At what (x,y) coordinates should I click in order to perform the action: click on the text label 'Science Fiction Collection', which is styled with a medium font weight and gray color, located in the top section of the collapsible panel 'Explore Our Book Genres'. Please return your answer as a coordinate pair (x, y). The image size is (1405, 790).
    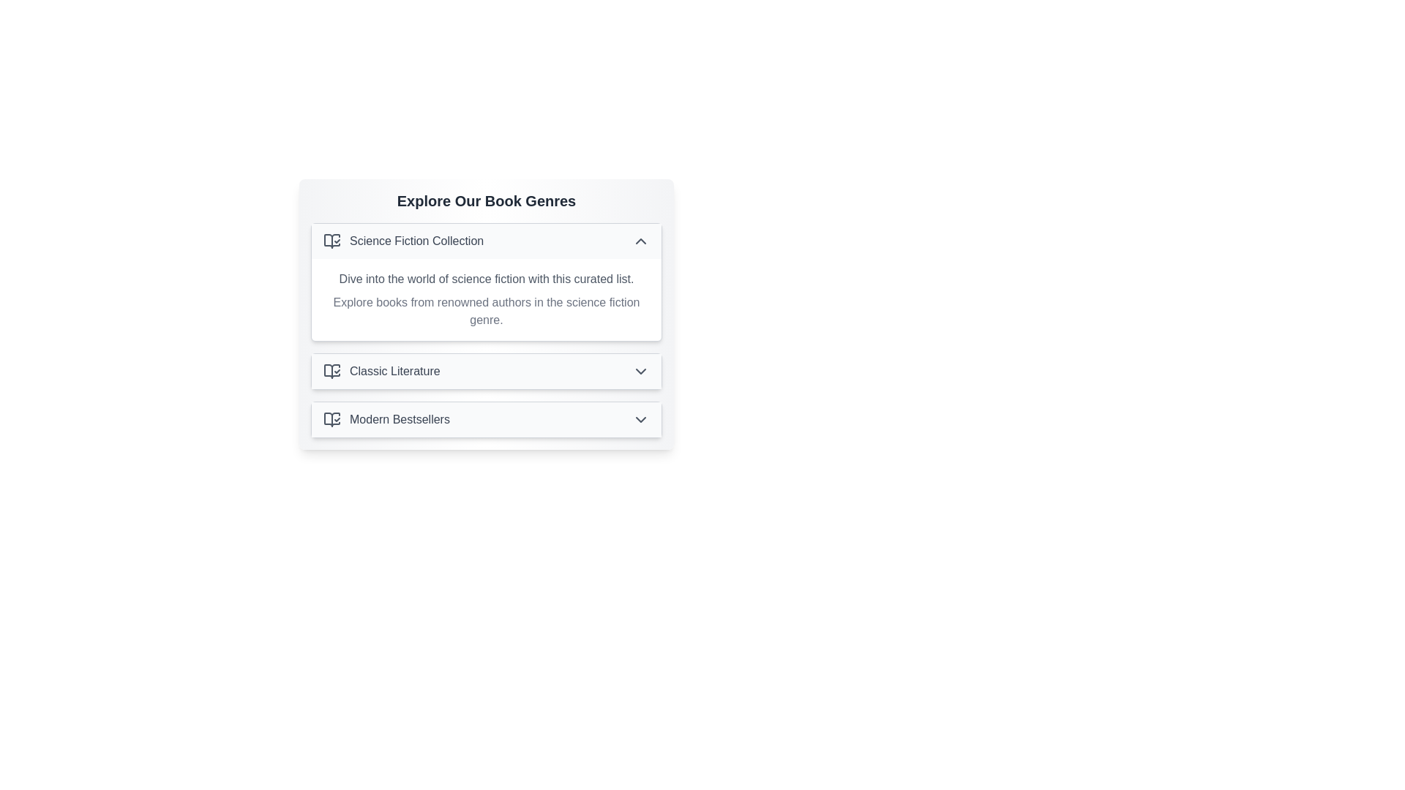
    Looking at the image, I should click on (416, 241).